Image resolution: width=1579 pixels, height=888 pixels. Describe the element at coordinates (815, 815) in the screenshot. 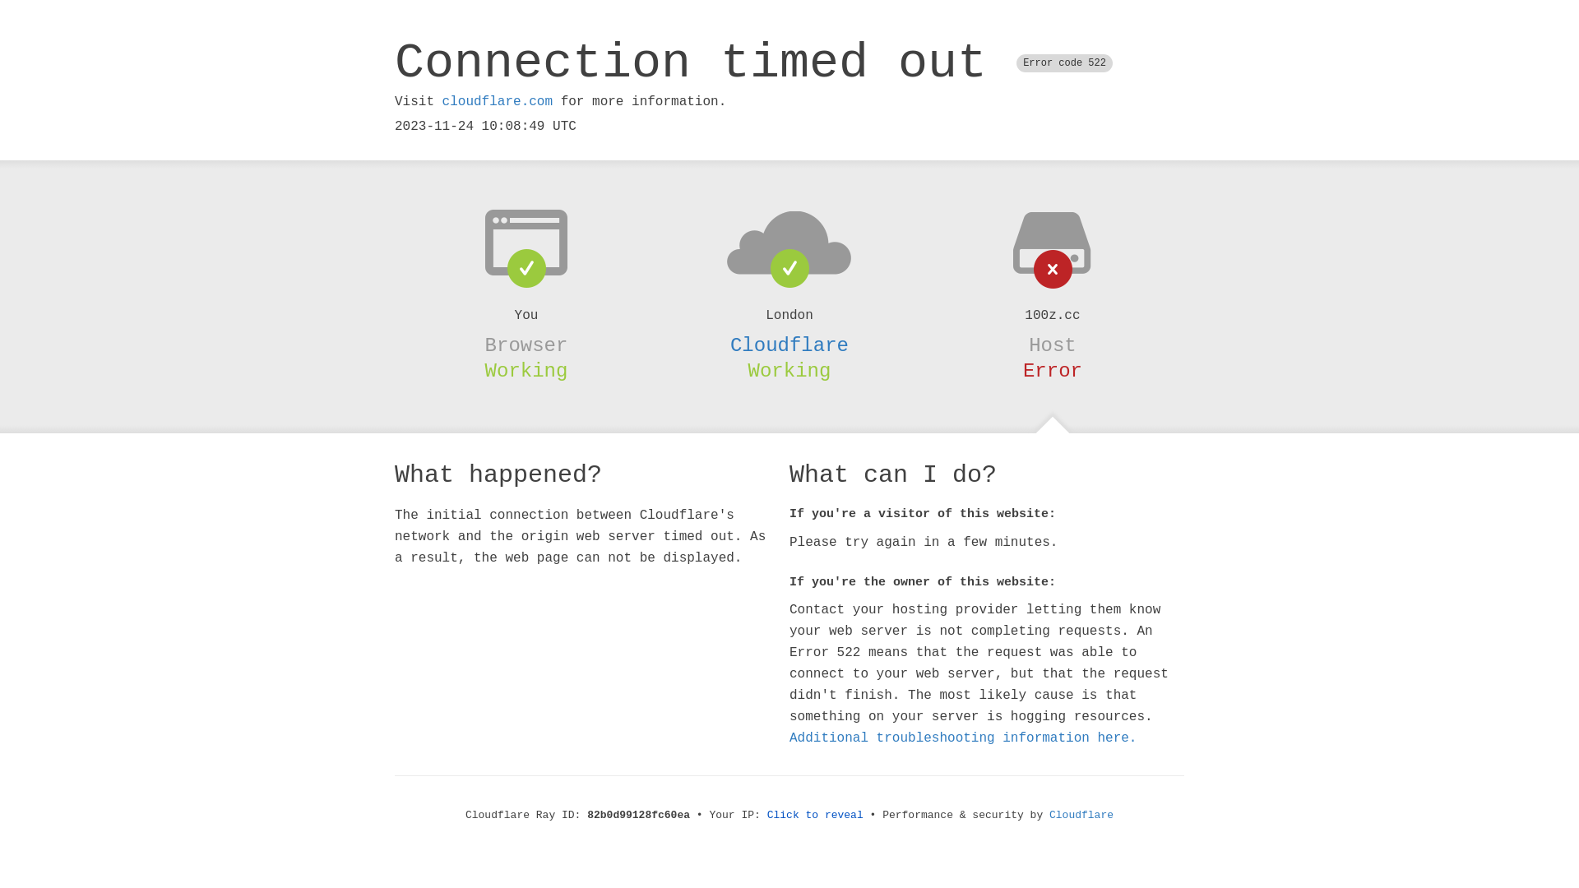

I see `'Click to reveal'` at that location.